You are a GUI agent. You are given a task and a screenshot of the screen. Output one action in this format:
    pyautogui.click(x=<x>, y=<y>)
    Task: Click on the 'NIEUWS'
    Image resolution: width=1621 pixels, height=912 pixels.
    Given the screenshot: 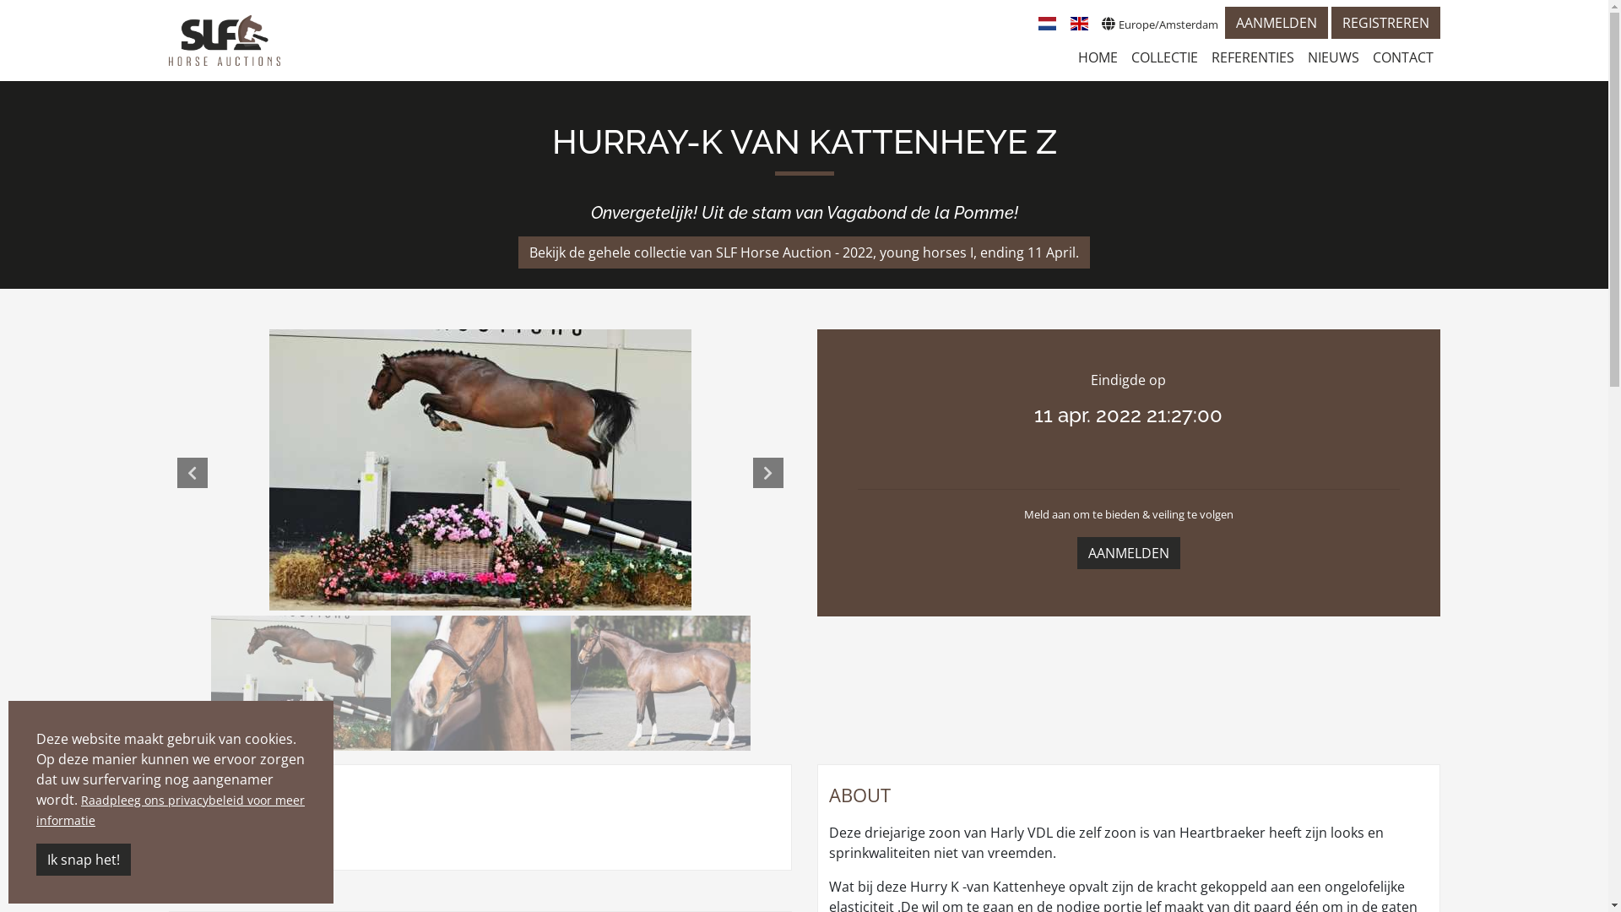 What is the action you would take?
    pyautogui.click(x=1331, y=57)
    